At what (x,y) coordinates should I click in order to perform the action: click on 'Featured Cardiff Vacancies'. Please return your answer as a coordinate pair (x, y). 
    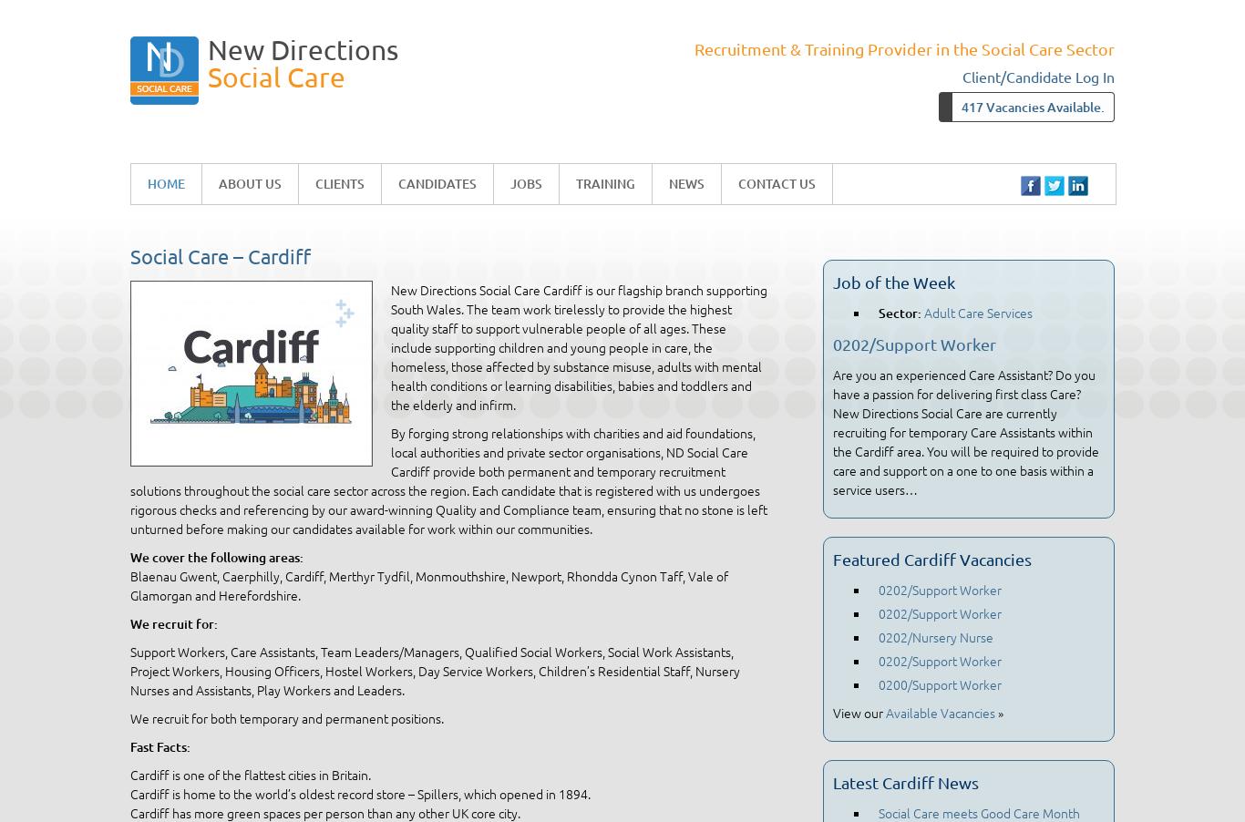
    Looking at the image, I should click on (931, 558).